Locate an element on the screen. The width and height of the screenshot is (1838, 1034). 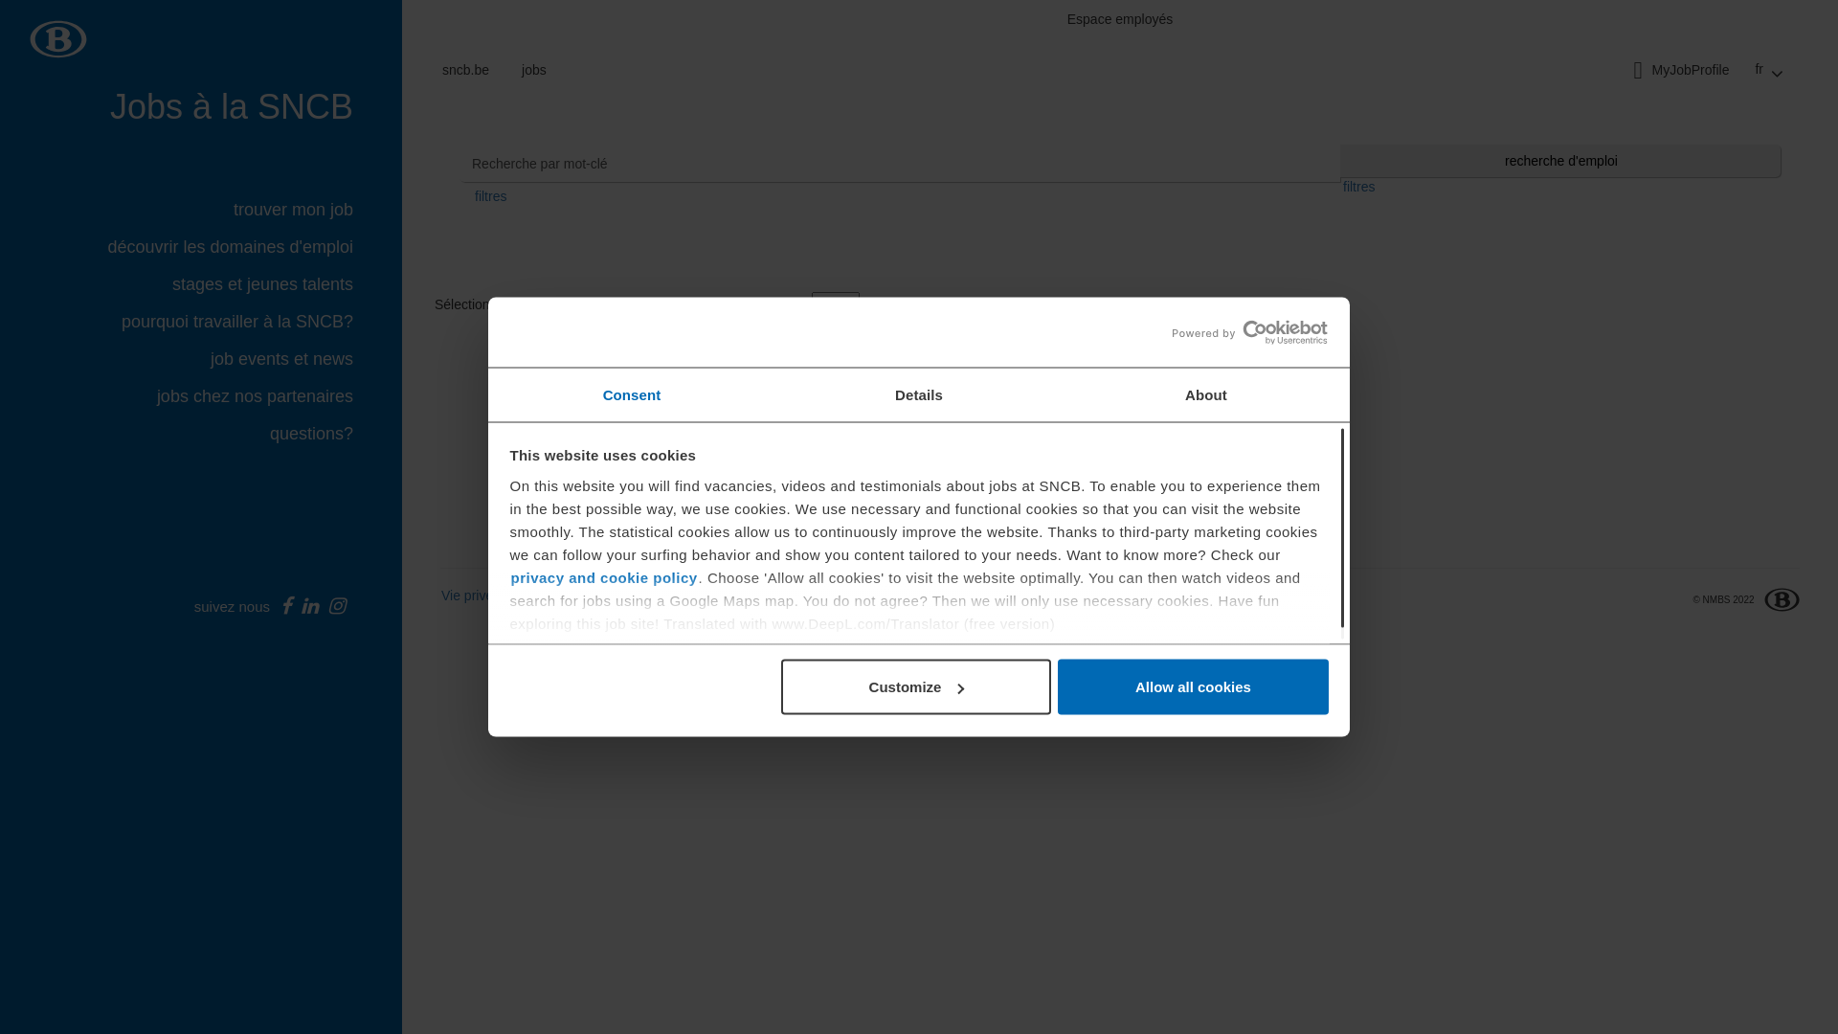
'jobs' is located at coordinates (533, 69).